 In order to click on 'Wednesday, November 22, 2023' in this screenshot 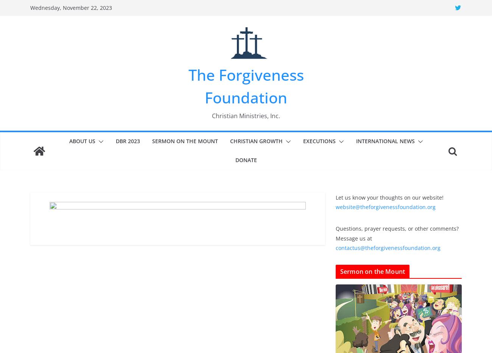, I will do `click(71, 7)`.